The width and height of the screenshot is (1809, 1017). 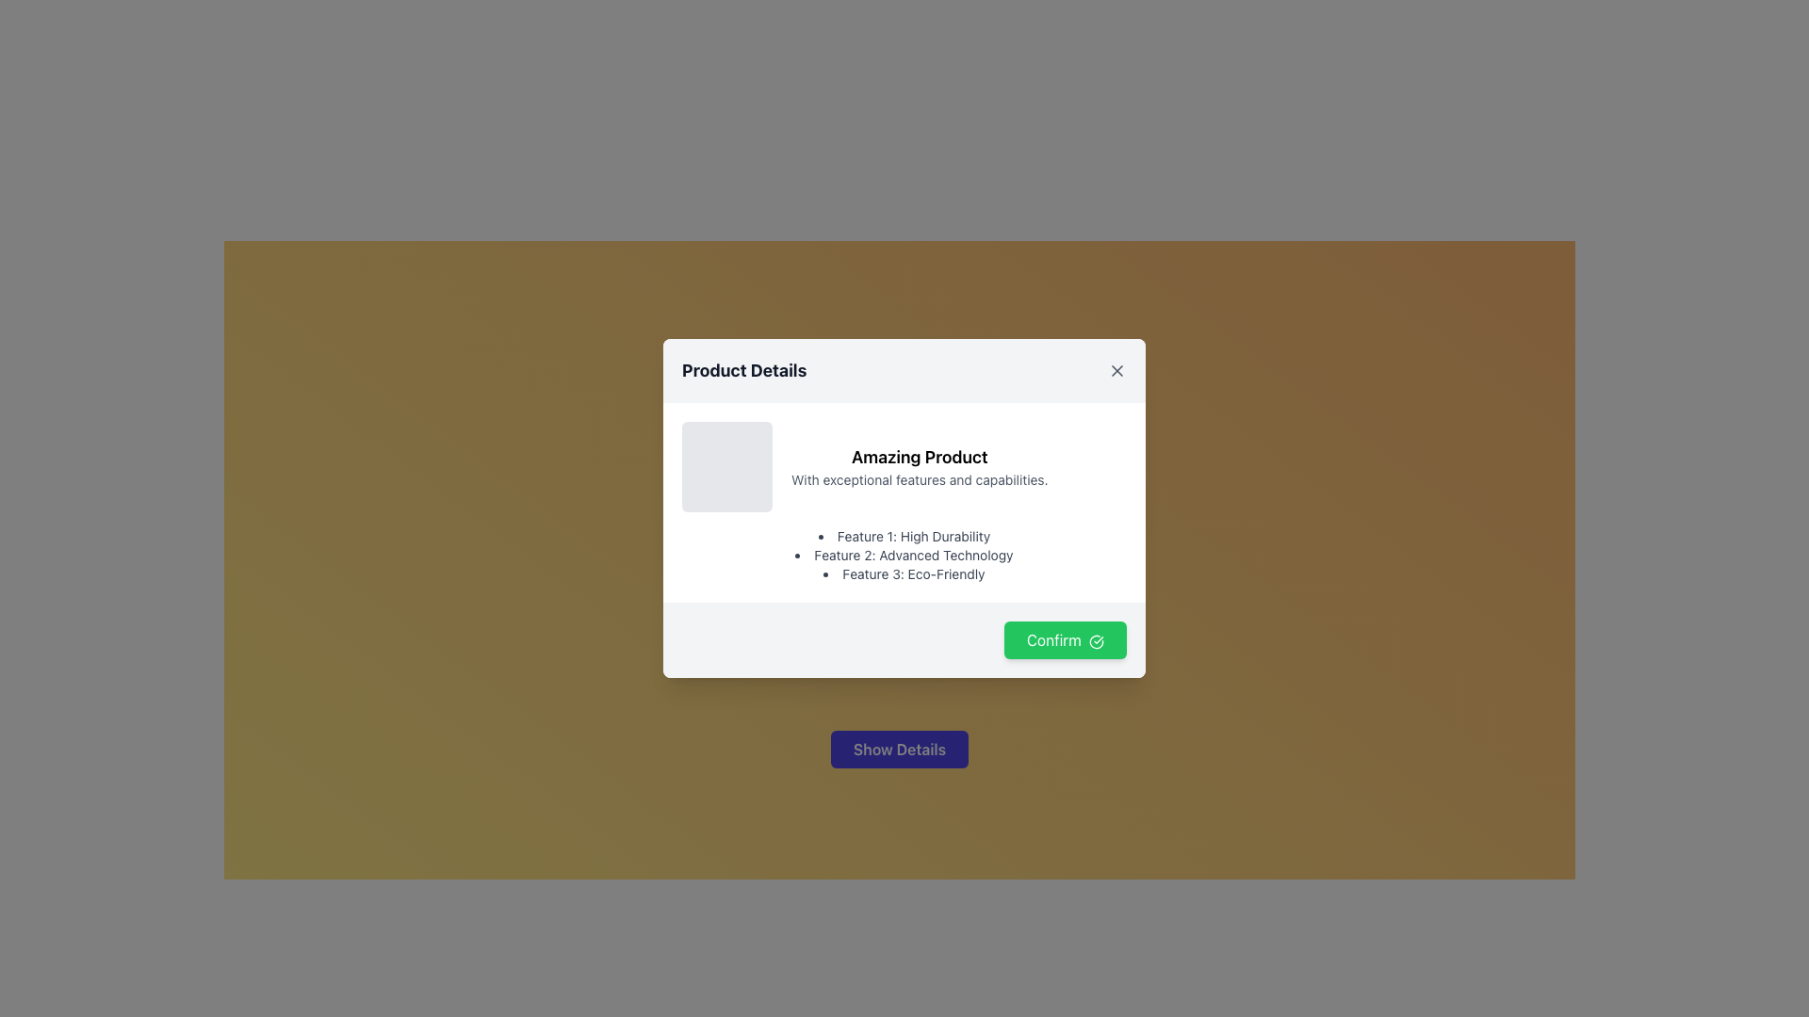 What do you see at coordinates (904, 555) in the screenshot?
I see `the non-interactive informational text element displaying 'Feature 2: Advanced Technology,' which is located in a modal window as the second item in a list of features` at bounding box center [904, 555].